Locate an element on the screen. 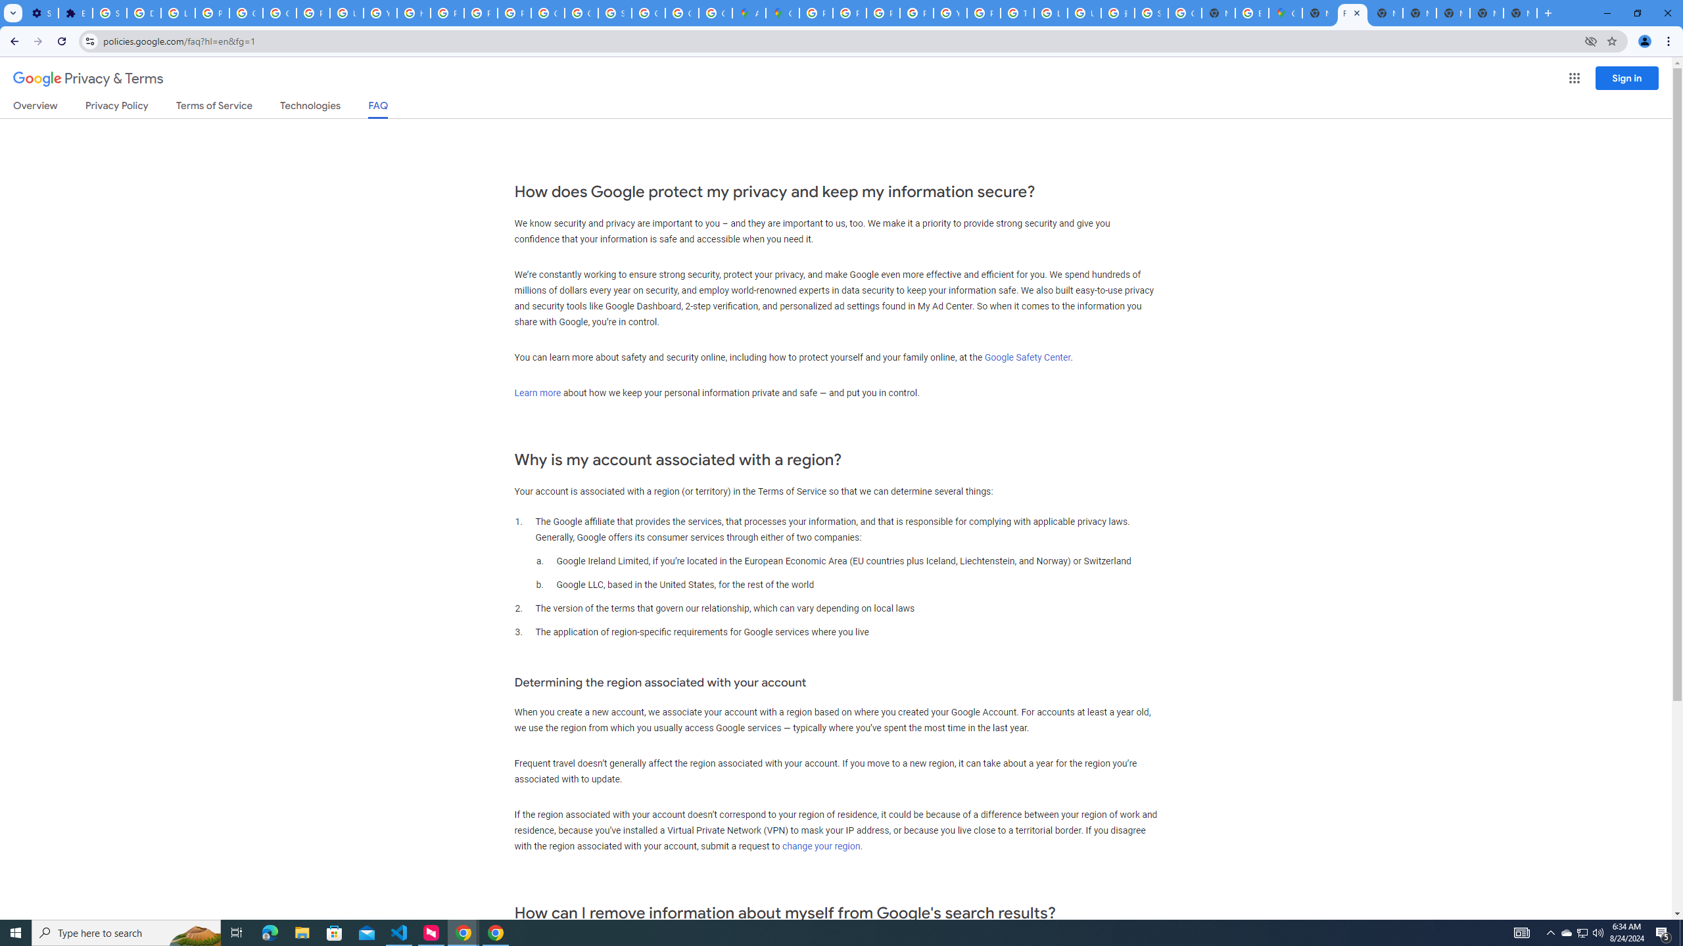 The width and height of the screenshot is (1683, 946). 'Delete photos & videos - Computer - Google Photos Help' is located at coordinates (143, 12).